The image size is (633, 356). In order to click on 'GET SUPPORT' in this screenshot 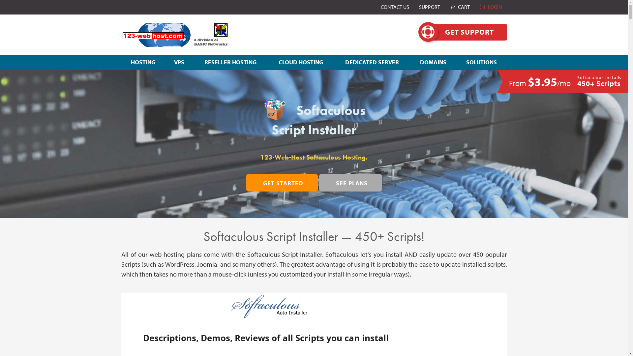, I will do `click(469, 32)`.